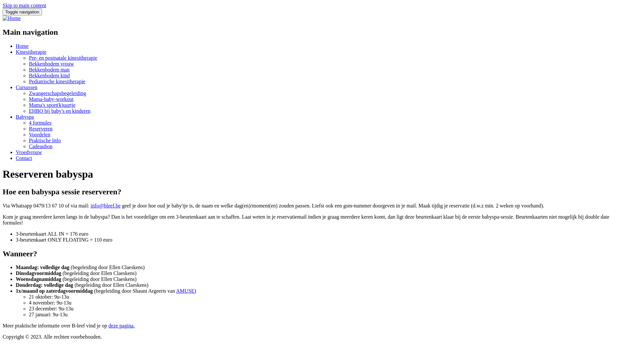 The width and height of the screenshot is (630, 354). What do you see at coordinates (109, 325) in the screenshot?
I see `'deze pagina'` at bounding box center [109, 325].